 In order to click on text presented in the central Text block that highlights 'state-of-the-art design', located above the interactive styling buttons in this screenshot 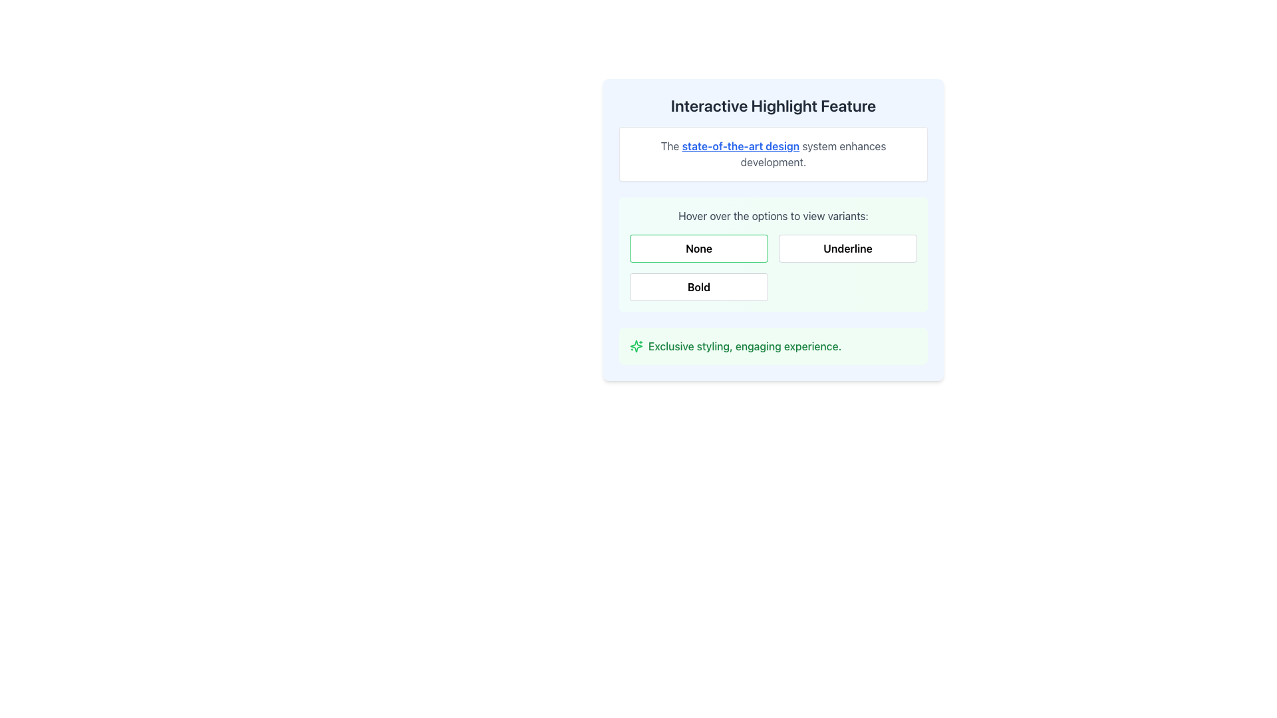, I will do `click(773, 153)`.